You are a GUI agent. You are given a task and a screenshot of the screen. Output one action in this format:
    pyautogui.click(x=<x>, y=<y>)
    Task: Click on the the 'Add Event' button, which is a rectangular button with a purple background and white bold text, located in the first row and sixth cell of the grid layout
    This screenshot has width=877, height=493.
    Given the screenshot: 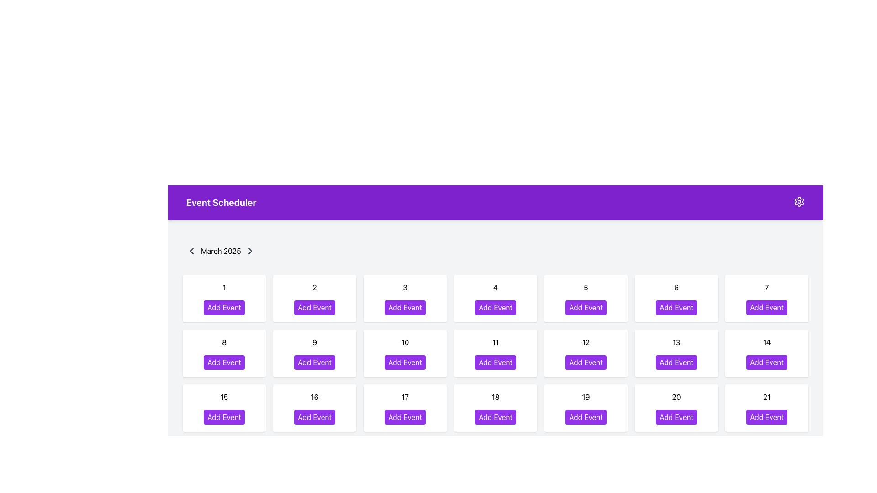 What is the action you would take?
    pyautogui.click(x=676, y=308)
    